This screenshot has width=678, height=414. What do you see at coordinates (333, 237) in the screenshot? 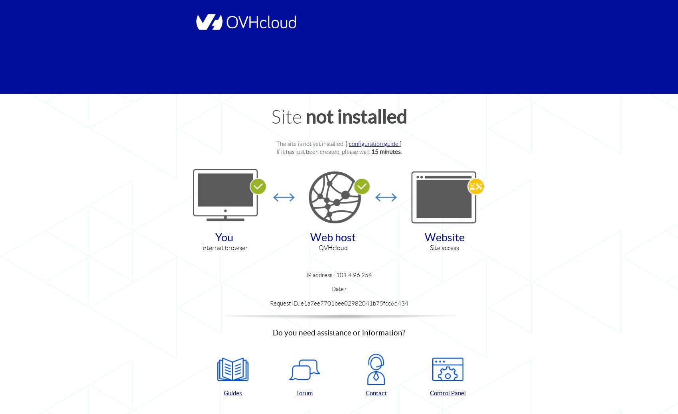
I see `'Web host'` at bounding box center [333, 237].